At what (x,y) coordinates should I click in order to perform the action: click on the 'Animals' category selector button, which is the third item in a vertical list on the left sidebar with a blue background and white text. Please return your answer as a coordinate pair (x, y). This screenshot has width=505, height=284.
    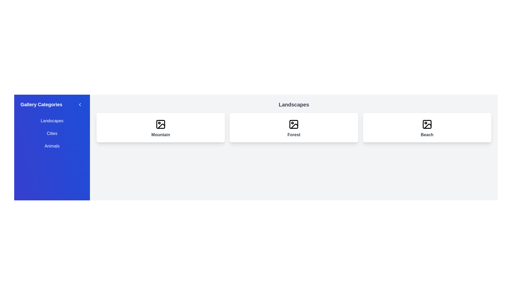
    Looking at the image, I should click on (52, 146).